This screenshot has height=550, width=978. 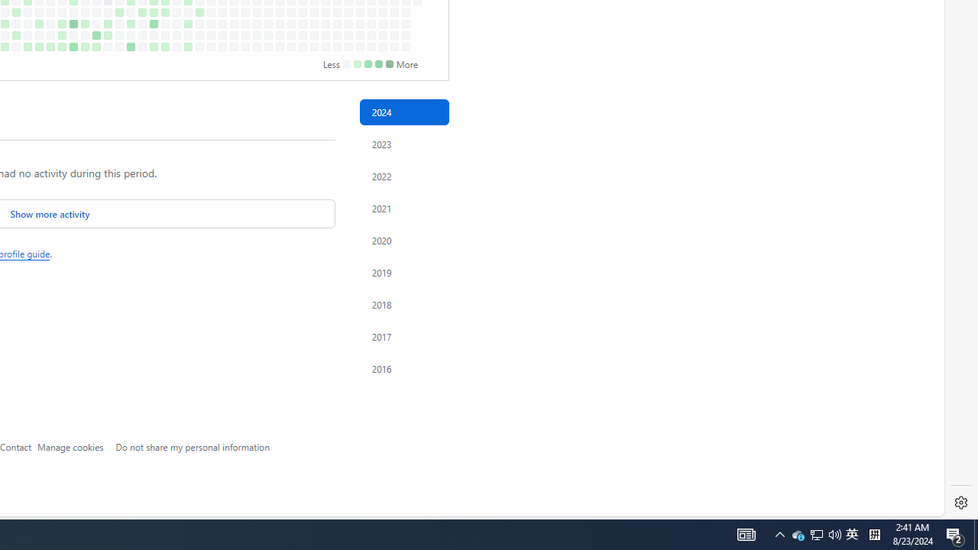 What do you see at coordinates (192, 446) in the screenshot?
I see `'Do not share my personal information'` at bounding box center [192, 446].